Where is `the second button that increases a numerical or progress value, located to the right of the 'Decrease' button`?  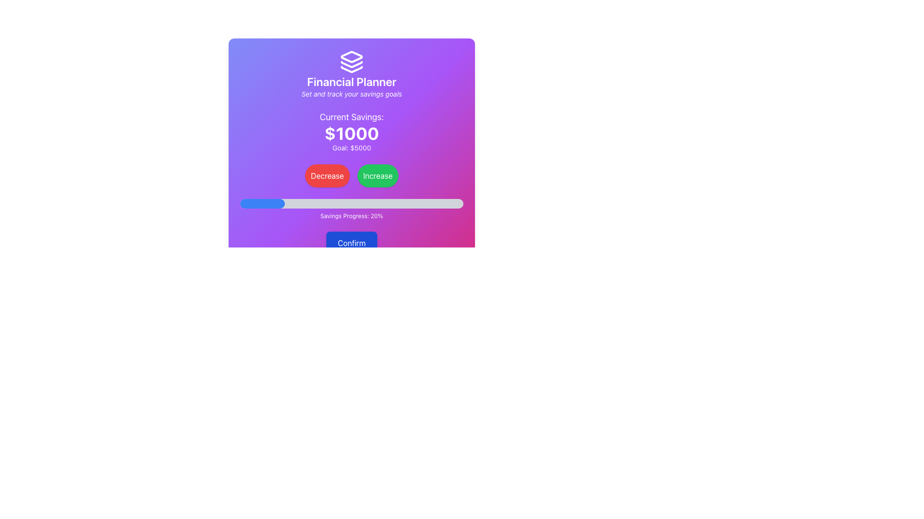 the second button that increases a numerical or progress value, located to the right of the 'Decrease' button is located at coordinates (377, 176).